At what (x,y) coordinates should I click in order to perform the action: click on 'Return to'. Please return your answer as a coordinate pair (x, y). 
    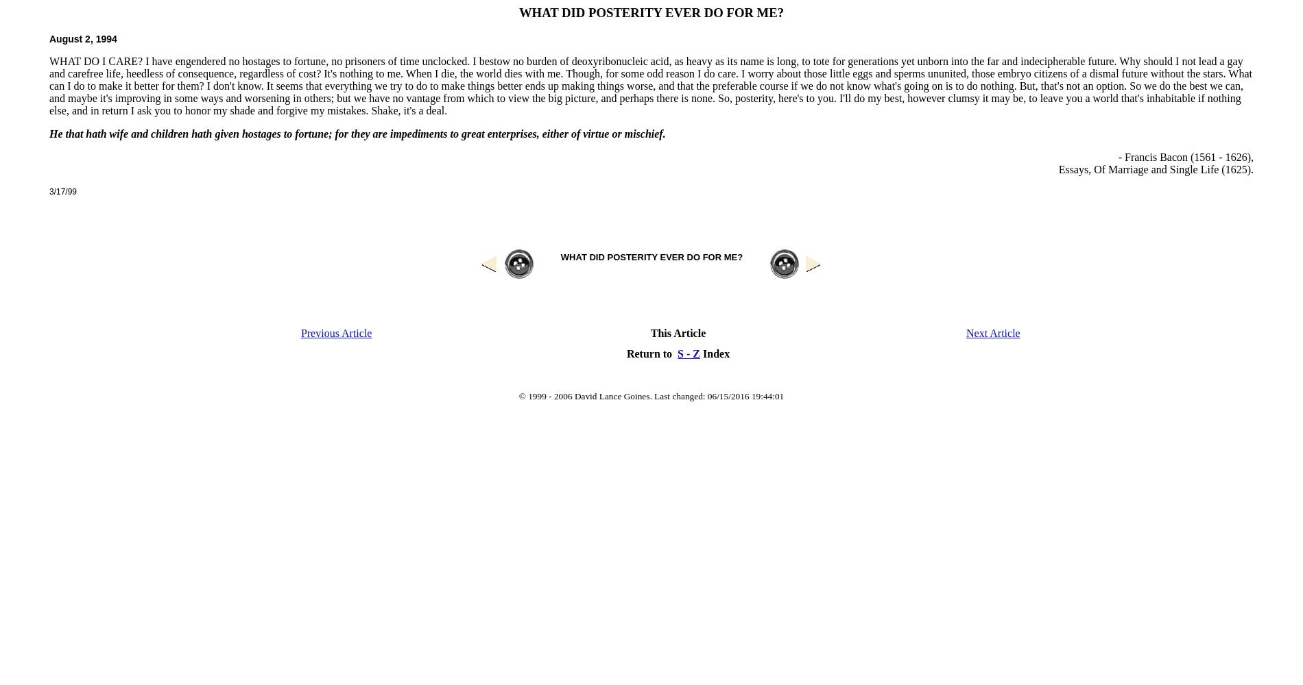
    Looking at the image, I should click on (651, 353).